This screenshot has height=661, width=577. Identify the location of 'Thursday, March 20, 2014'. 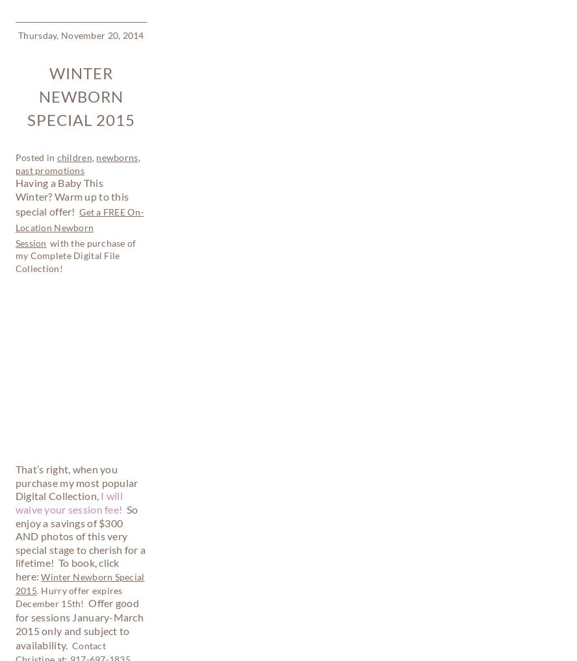
(27, 366).